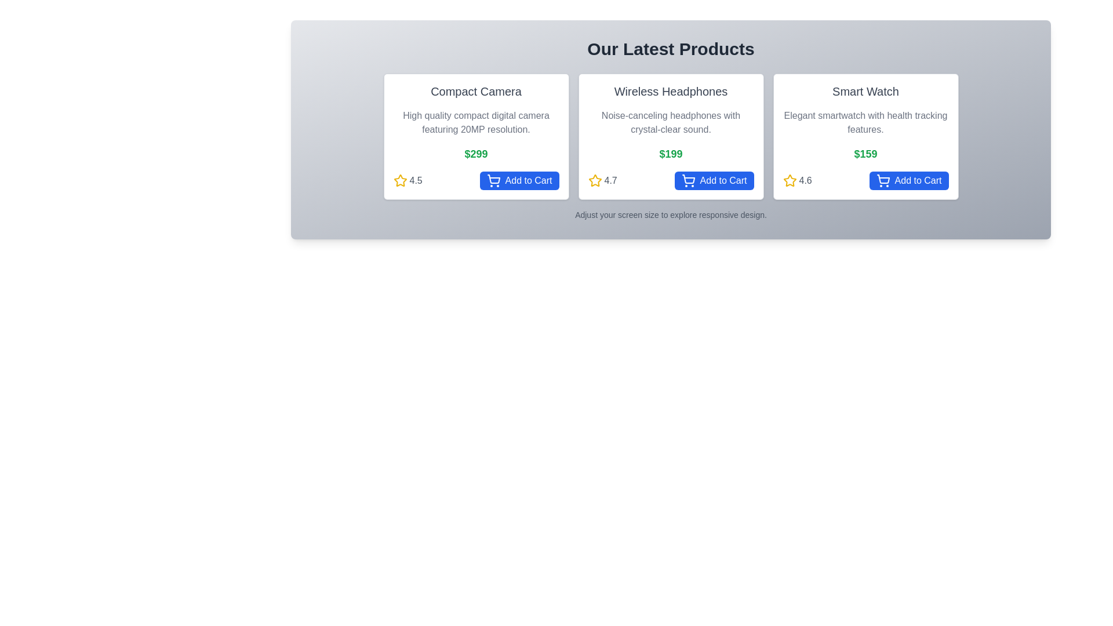 The width and height of the screenshot is (1113, 626). Describe the element at coordinates (416, 181) in the screenshot. I see `the text displaying '4.5' in gray color, which signifies a product rating for the 'Compact Camera', located in the bottom-left section of the card adjacent to a star icon` at that location.